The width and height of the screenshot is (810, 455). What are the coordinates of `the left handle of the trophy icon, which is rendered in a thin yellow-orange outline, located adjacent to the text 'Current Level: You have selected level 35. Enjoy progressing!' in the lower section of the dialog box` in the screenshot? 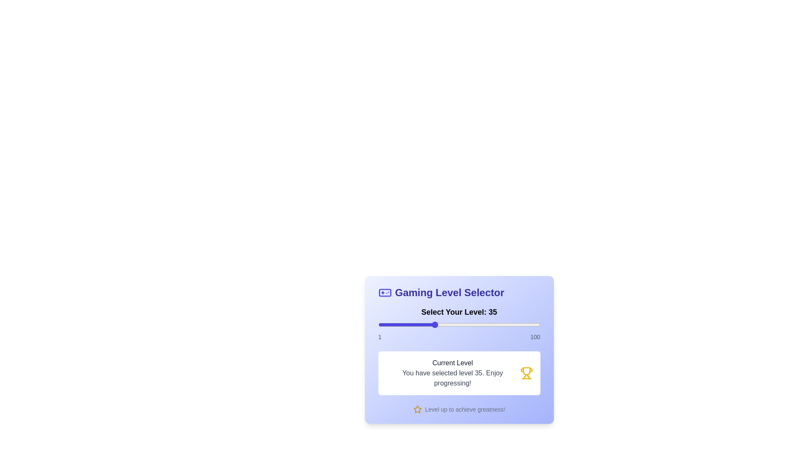 It's located at (524, 376).